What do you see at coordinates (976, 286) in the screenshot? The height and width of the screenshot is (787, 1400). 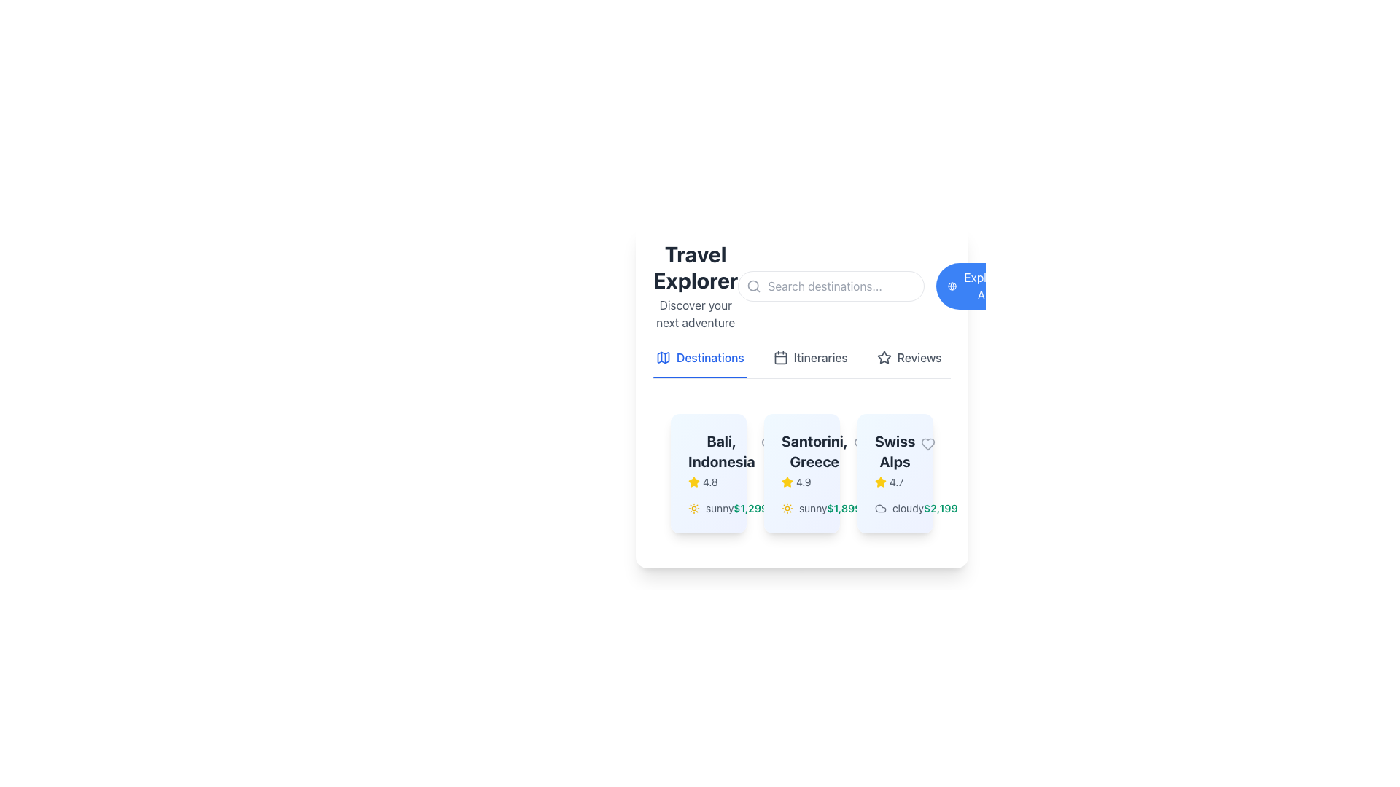 I see `the blue 'Explore All' button with rounded corners, featuring a globe icon` at bounding box center [976, 286].